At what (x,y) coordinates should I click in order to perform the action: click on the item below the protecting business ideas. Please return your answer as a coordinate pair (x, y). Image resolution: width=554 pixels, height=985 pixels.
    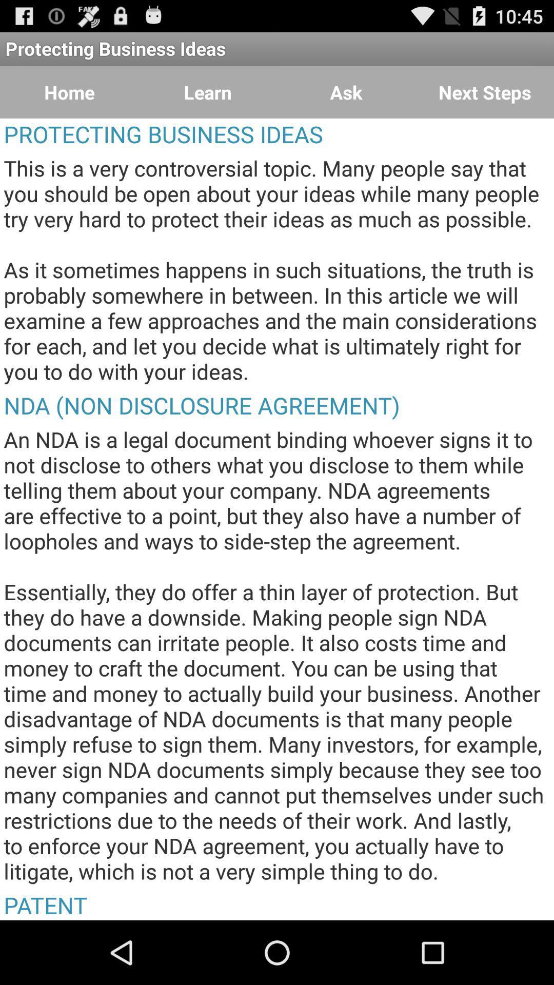
    Looking at the image, I should click on (346, 92).